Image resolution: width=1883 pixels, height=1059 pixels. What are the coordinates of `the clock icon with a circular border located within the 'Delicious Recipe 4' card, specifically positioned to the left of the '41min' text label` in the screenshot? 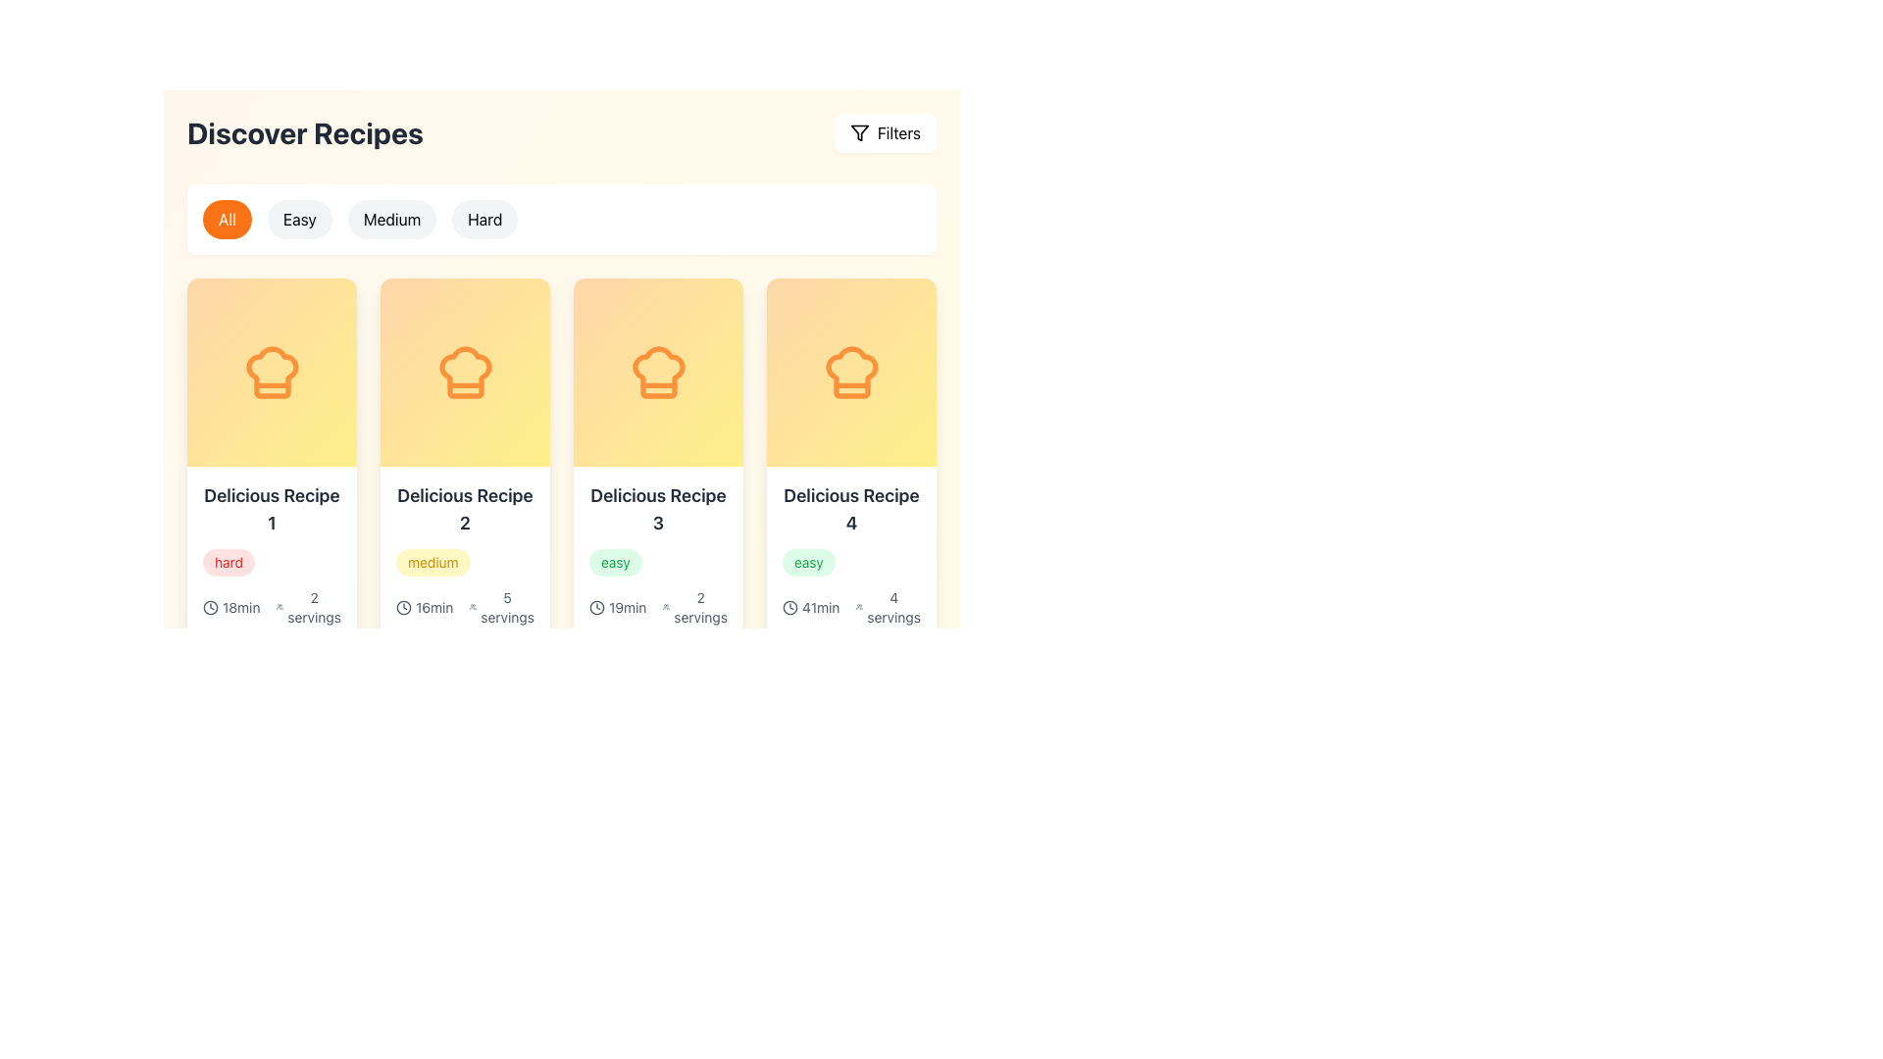 It's located at (790, 607).